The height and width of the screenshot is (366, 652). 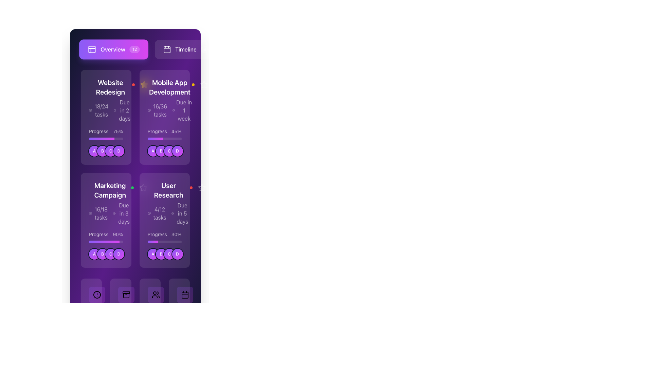 I want to click on the small circular icon with a checkmark inside it, located to the left of the text '16/36 tasks' in the 'Mobile App Development' card, so click(x=149, y=110).